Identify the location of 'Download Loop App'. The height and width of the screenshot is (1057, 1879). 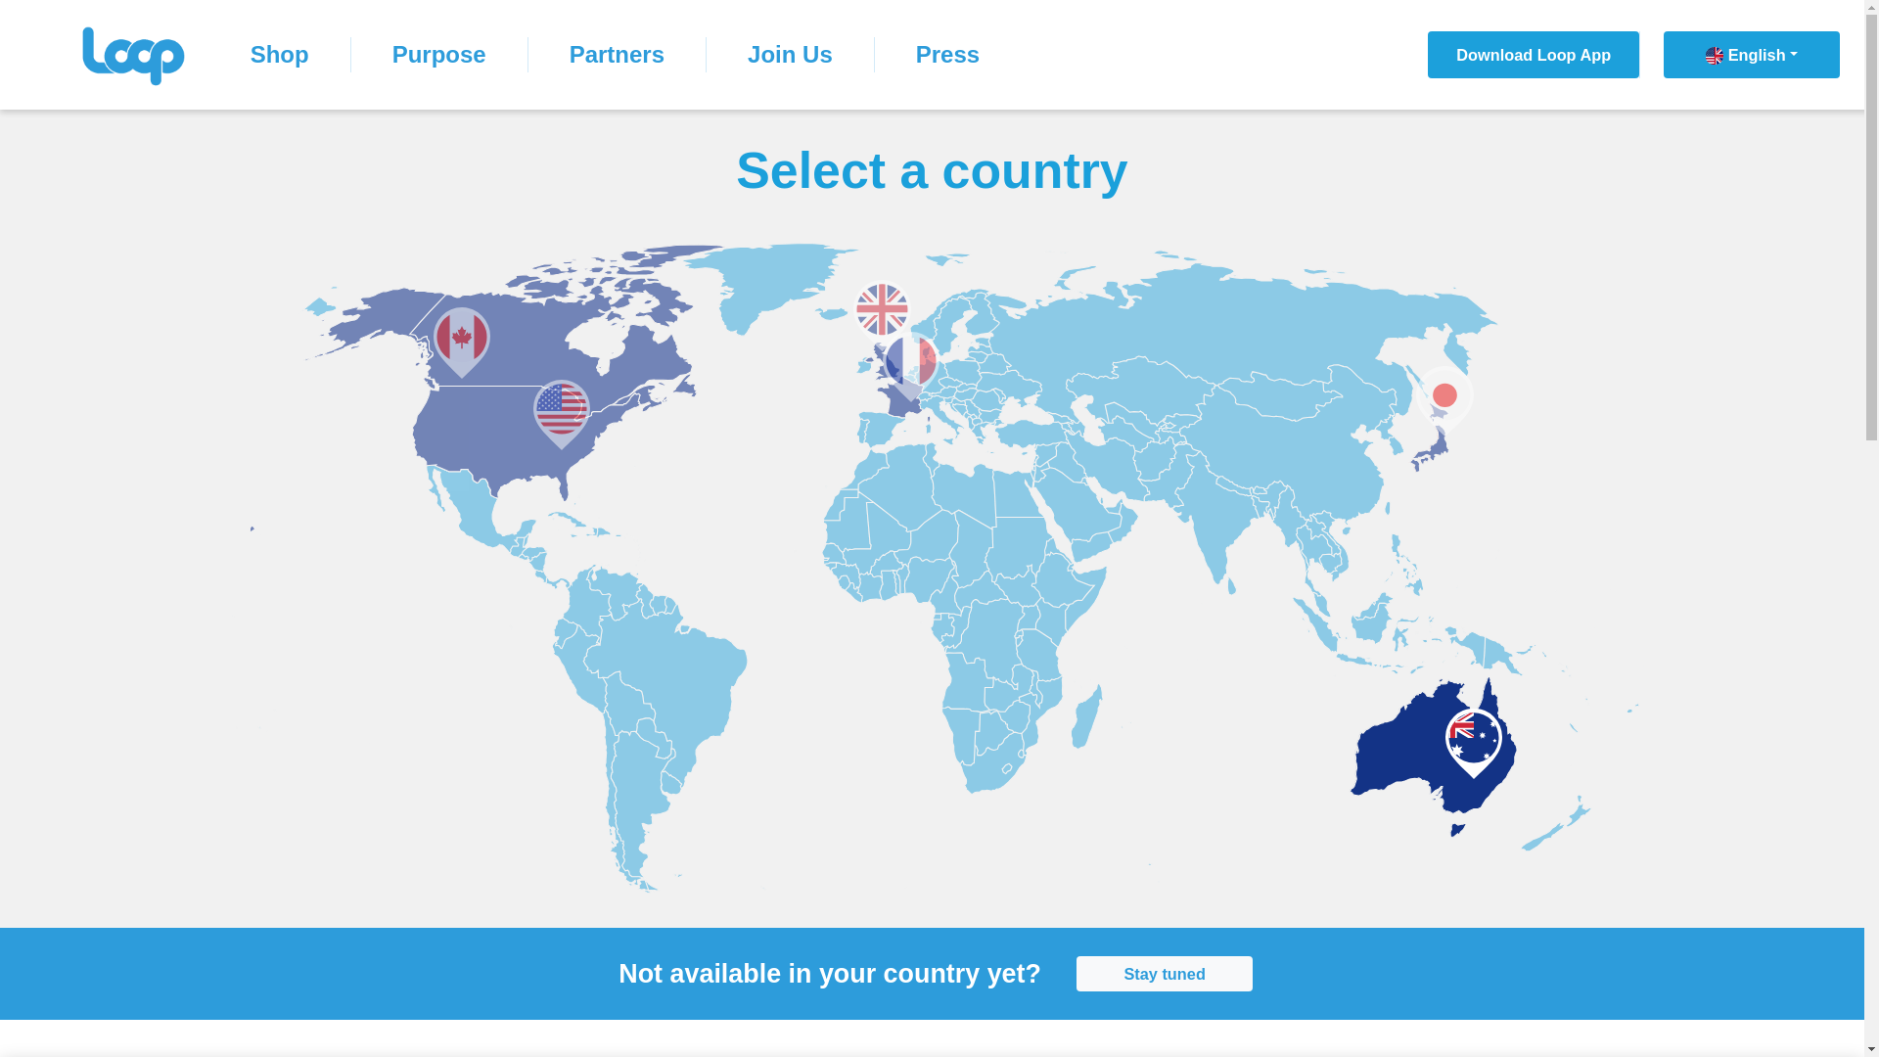
(1533, 54).